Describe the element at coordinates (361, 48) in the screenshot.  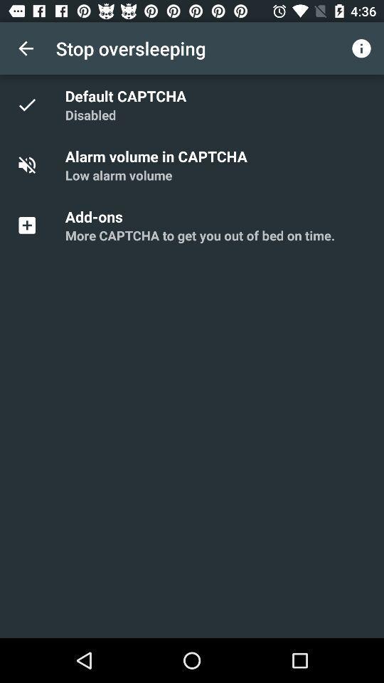
I see `the information button` at that location.